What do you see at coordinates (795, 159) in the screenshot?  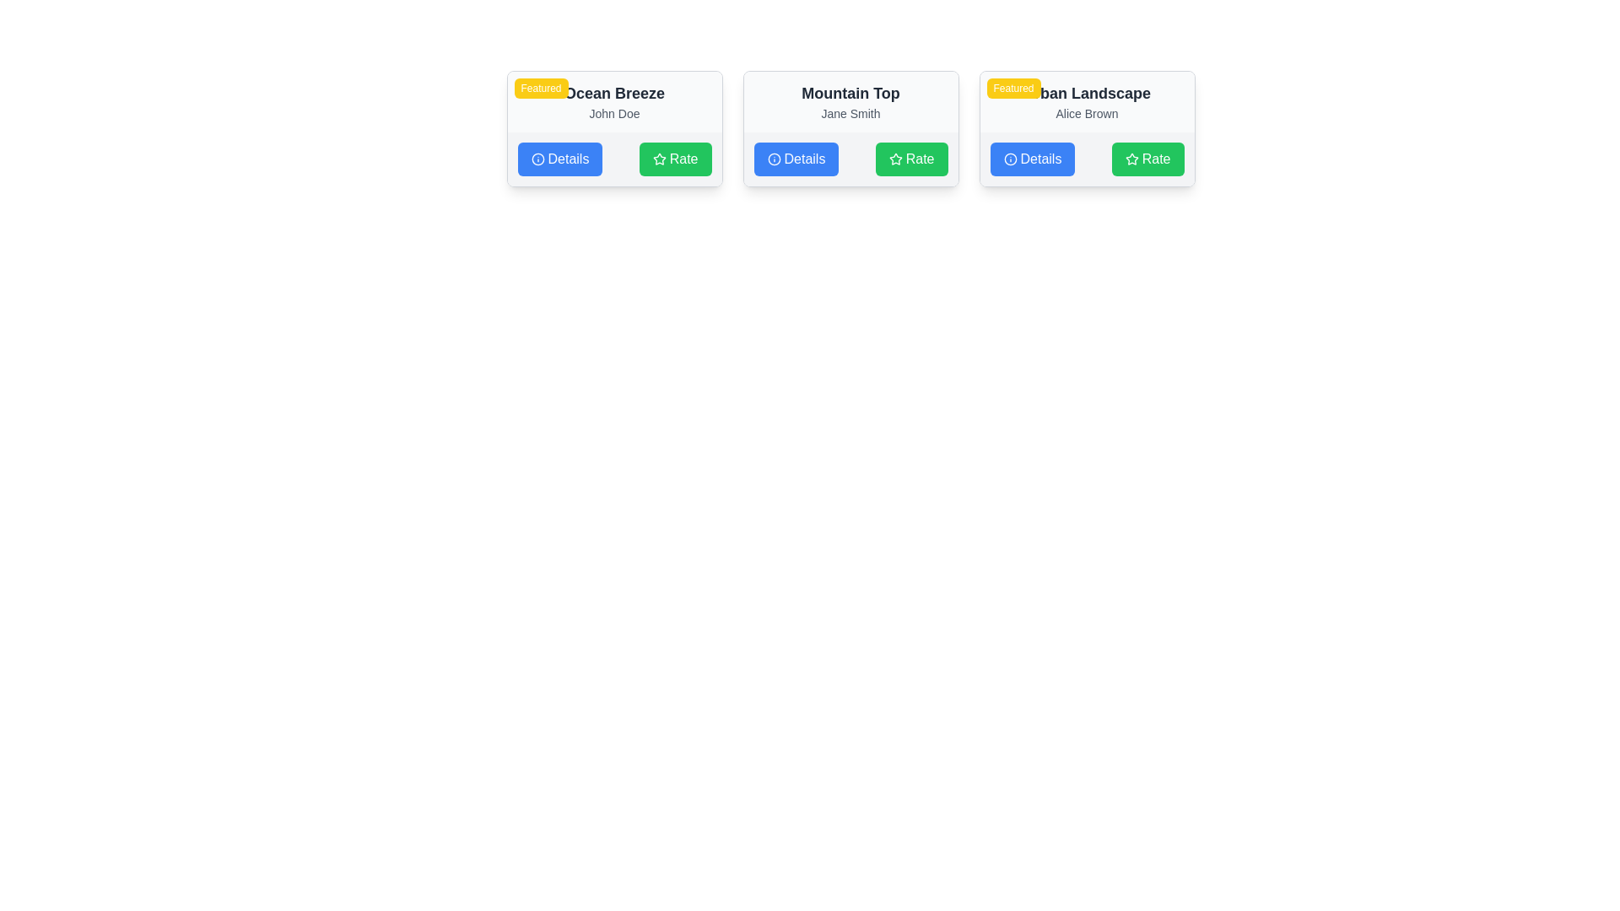 I see `the blue button labeled 'Details' with a circular 'i' icon` at bounding box center [795, 159].